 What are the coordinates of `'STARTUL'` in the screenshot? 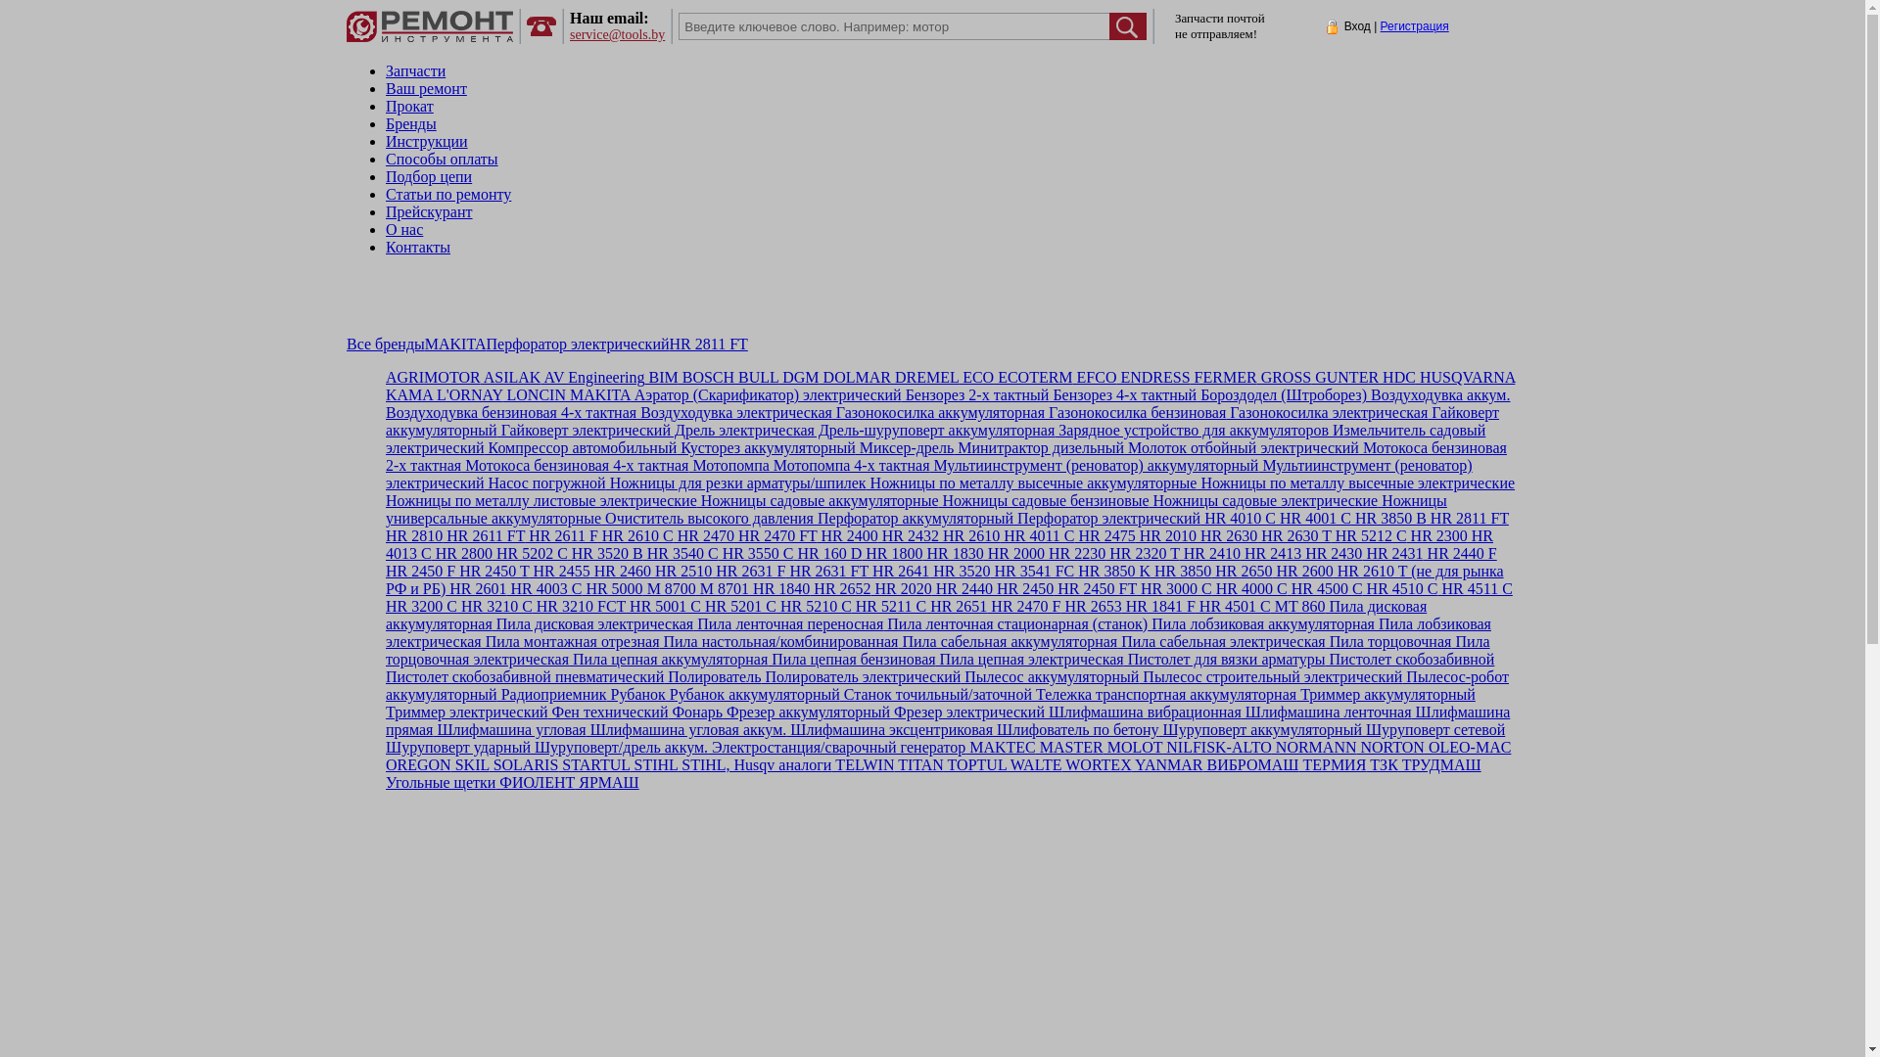 It's located at (592, 763).